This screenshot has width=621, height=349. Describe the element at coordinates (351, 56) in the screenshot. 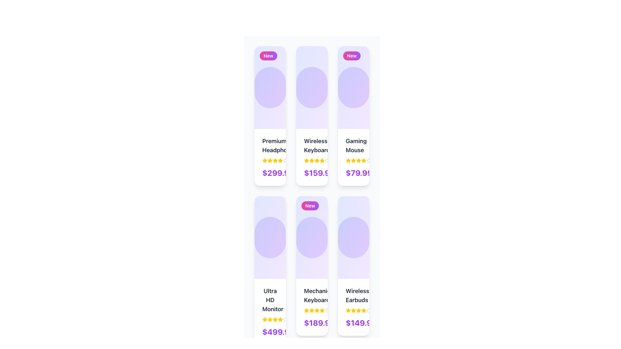

I see `the 'New' badge with a gradient background located at the top-left corner of the third card in a three-column layout` at that location.